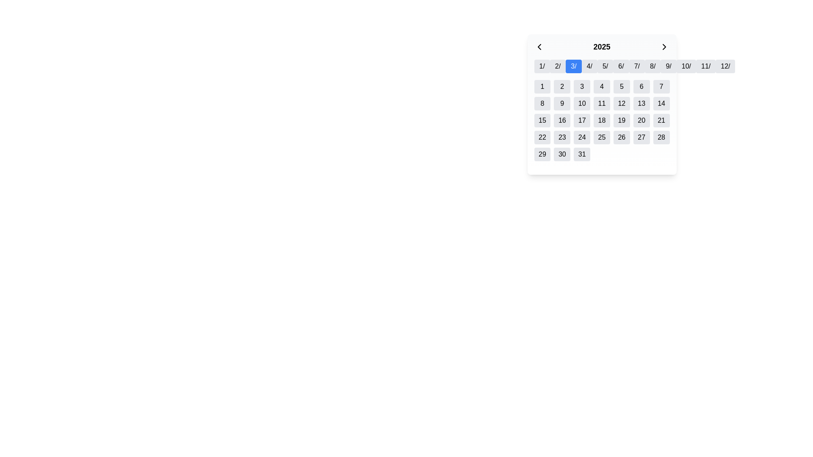  What do you see at coordinates (601, 121) in the screenshot?
I see `the Calendar Grid located under the selected month and year` at bounding box center [601, 121].